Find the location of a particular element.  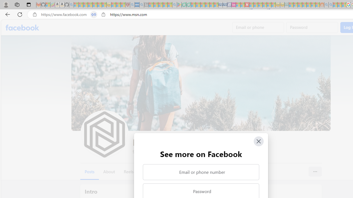

'Microsoft-Report a Concern to Bing - Sleeping' is located at coordinates (48, 5).